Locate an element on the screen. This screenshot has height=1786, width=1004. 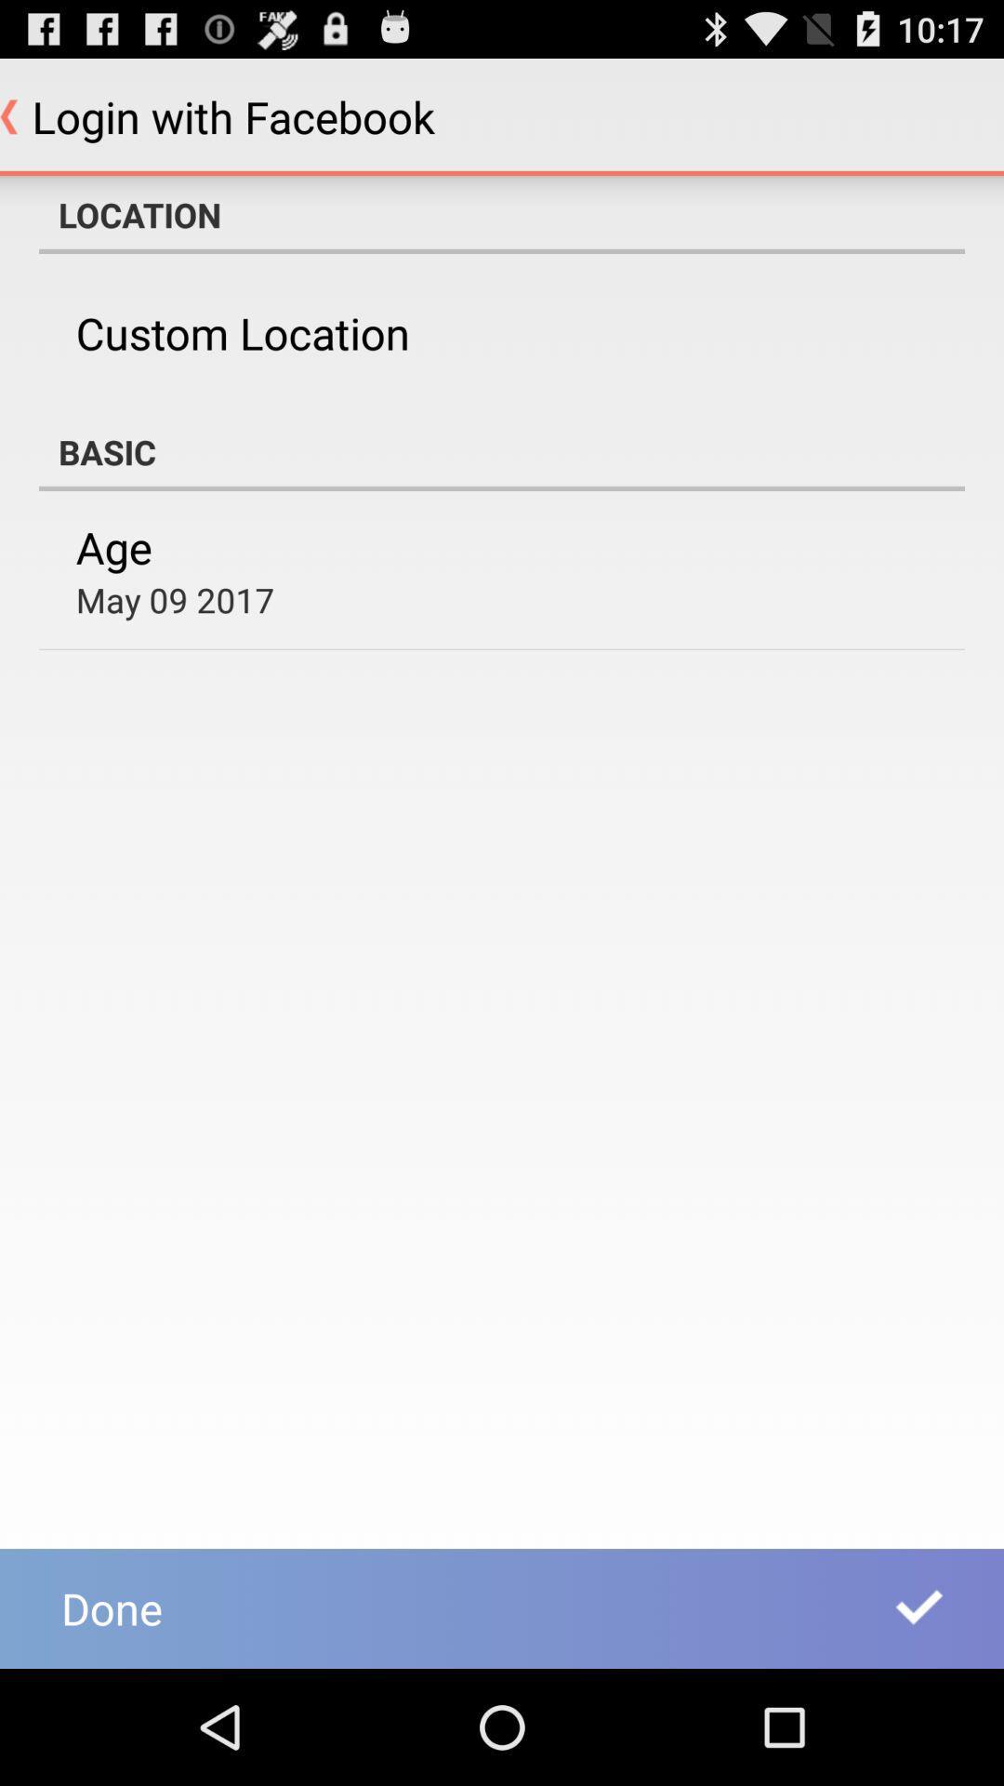
the icon above the done icon is located at coordinates (175, 599).